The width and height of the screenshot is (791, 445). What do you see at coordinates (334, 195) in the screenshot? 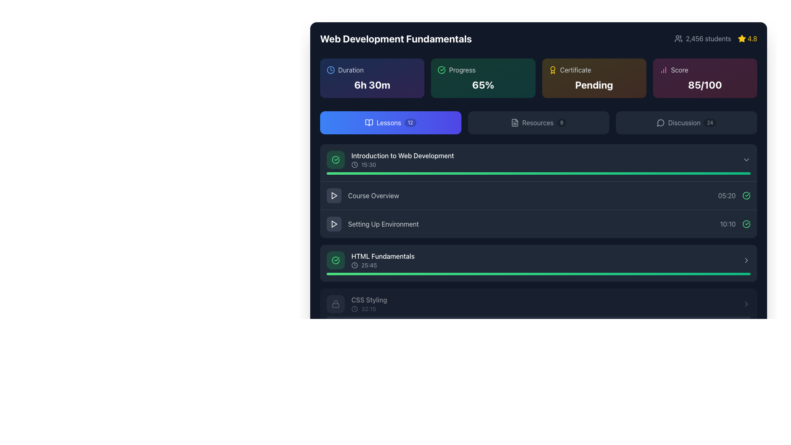
I see `the triangular play icon within the small circular button in the 'Course Overview' row` at bounding box center [334, 195].